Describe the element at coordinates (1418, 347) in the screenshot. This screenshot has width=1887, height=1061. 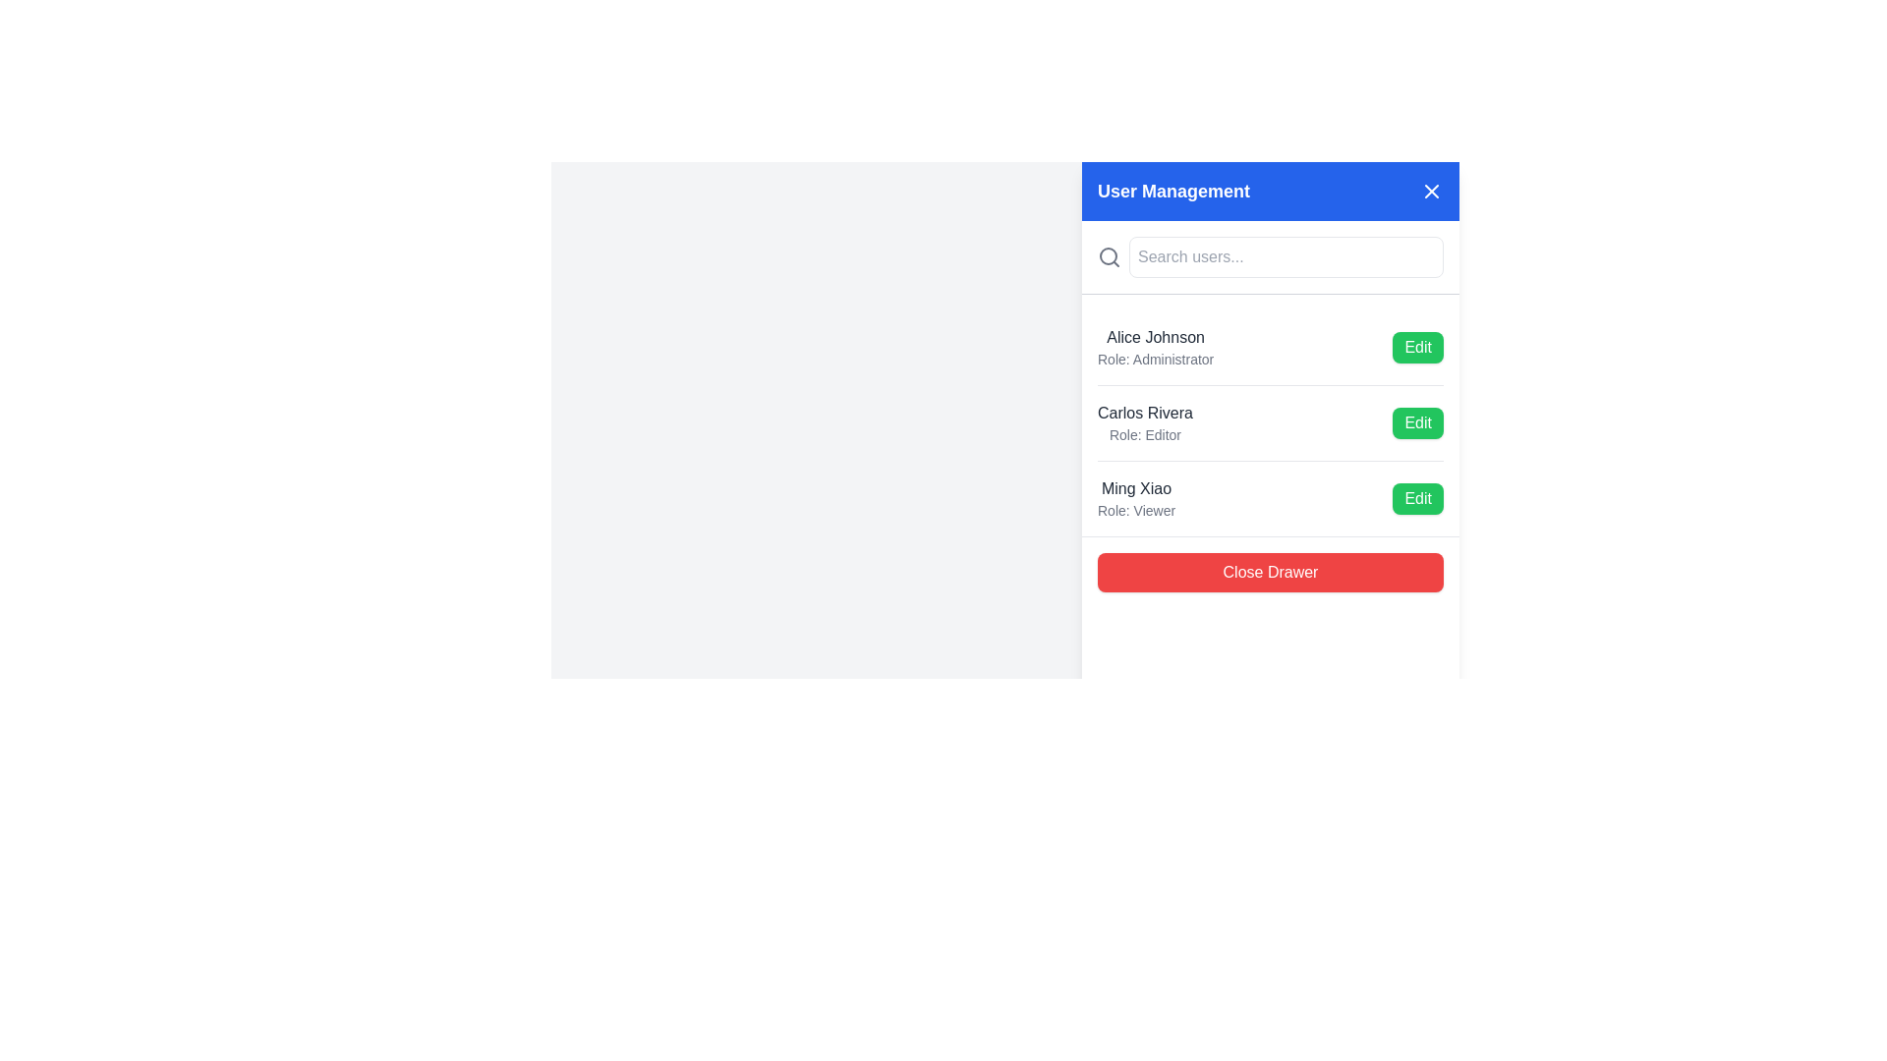
I see `the 'Edit' button with a green background, which is located beside 'Alice Johnson' and 'Role: Administrator' in the User Management section, to observe any hover effects` at that location.